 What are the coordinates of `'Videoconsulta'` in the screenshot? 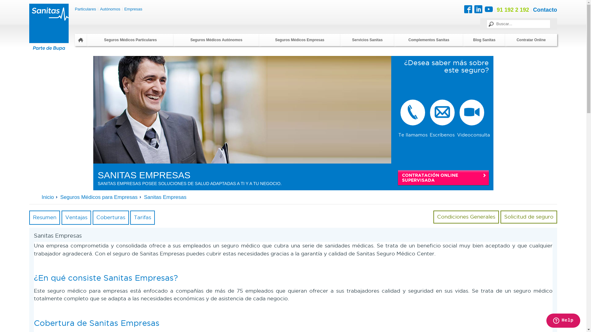 It's located at (457, 118).